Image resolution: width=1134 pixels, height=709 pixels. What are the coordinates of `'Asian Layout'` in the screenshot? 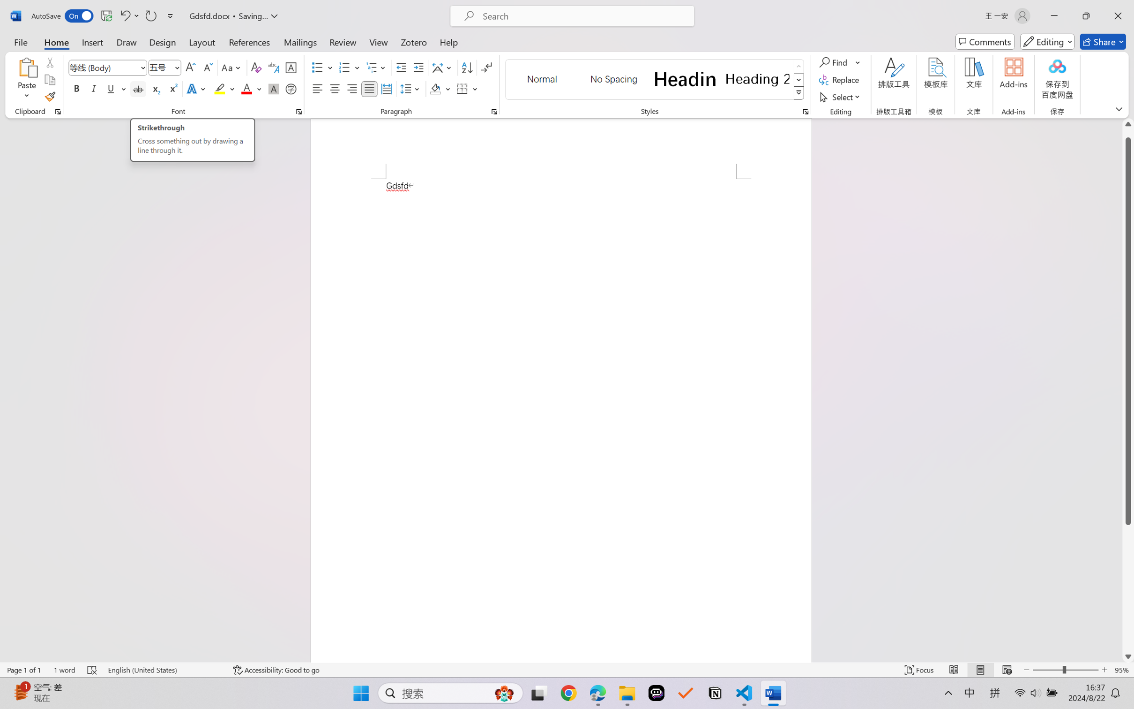 It's located at (442, 68).